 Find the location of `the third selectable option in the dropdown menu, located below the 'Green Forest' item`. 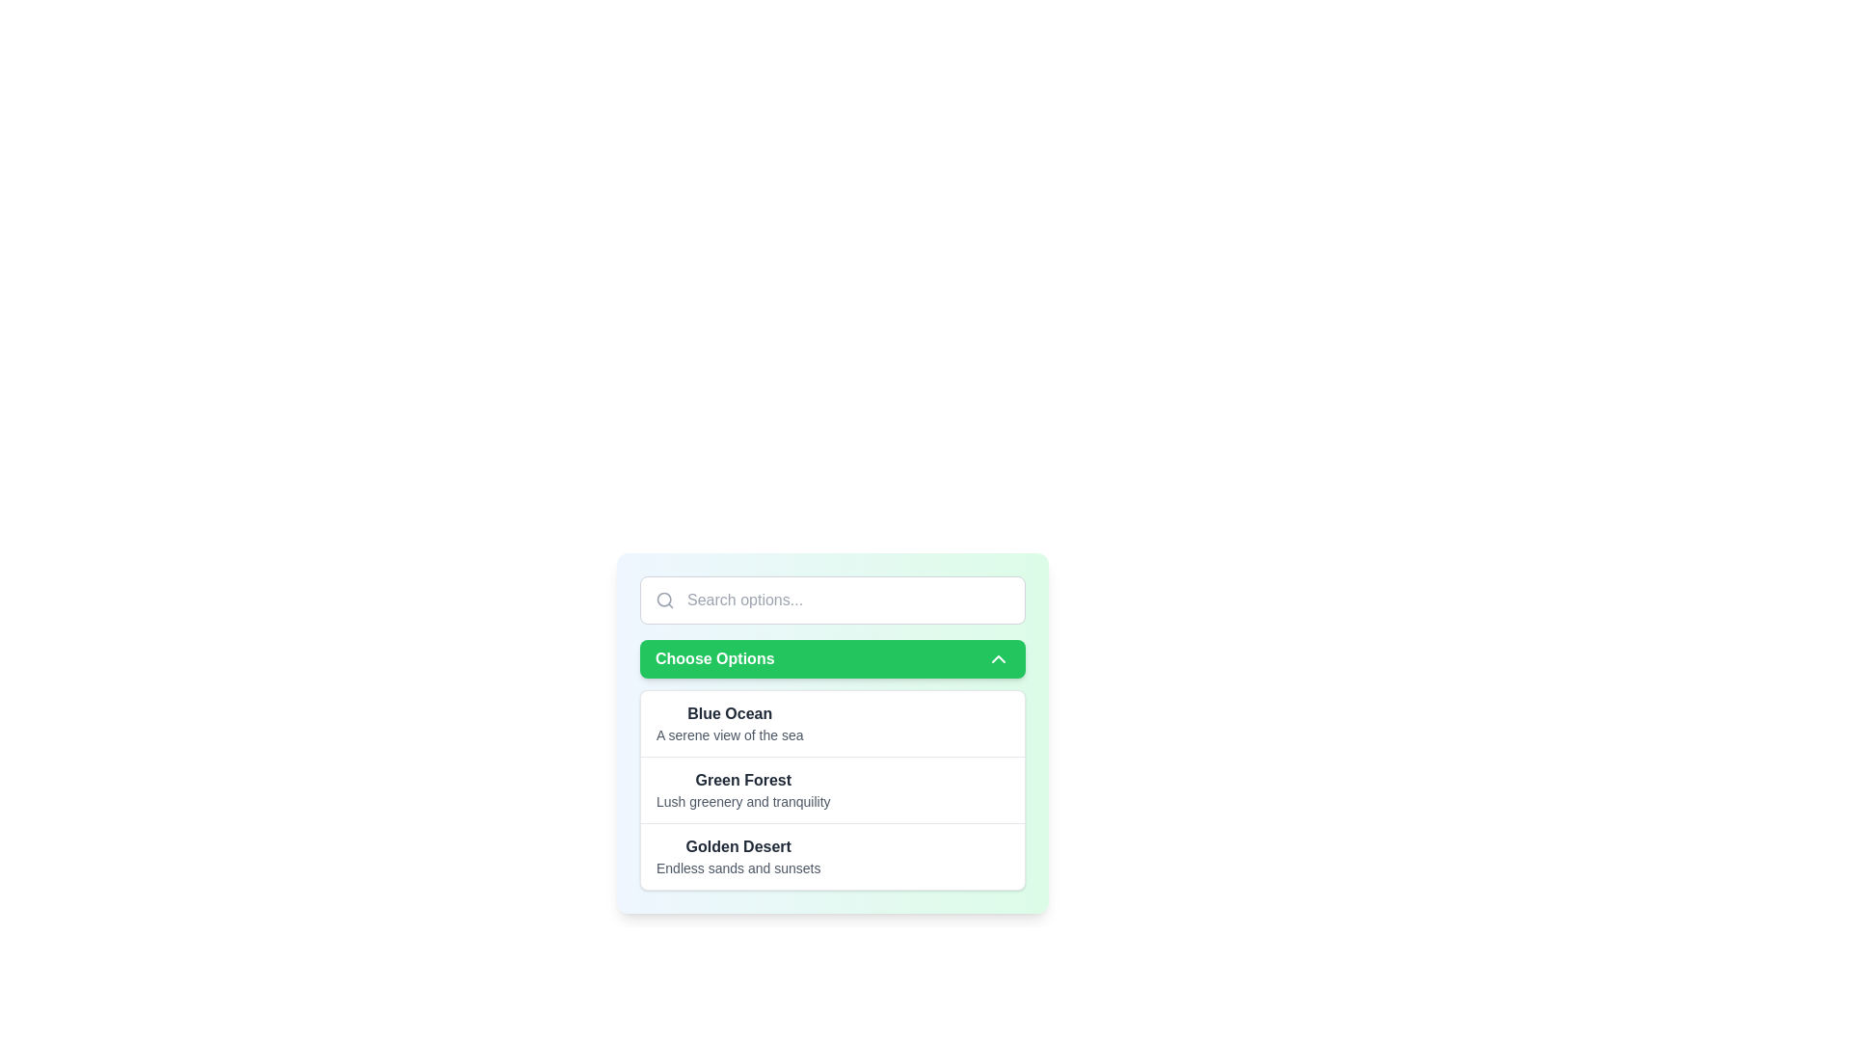

the third selectable option in the dropdown menu, located below the 'Green Forest' item is located at coordinates (738, 855).